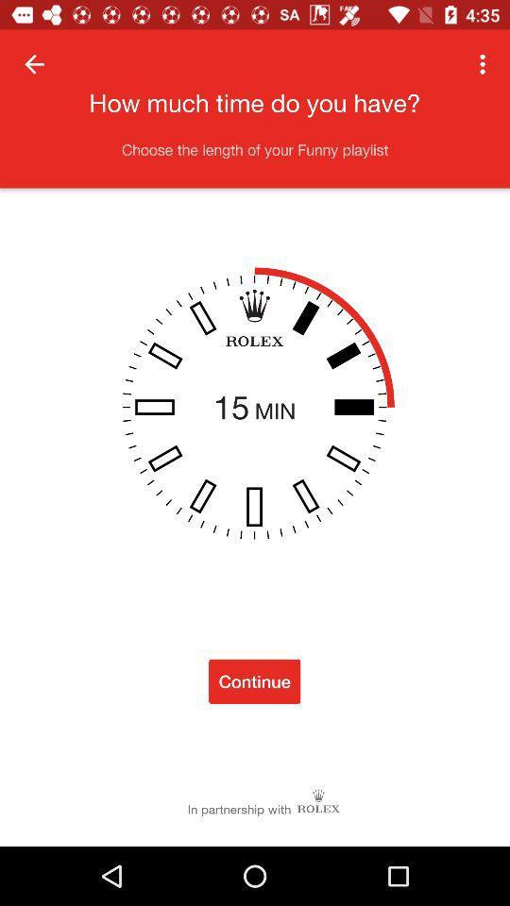 This screenshot has height=906, width=510. Describe the element at coordinates (484, 64) in the screenshot. I see `the item at the top right corner` at that location.